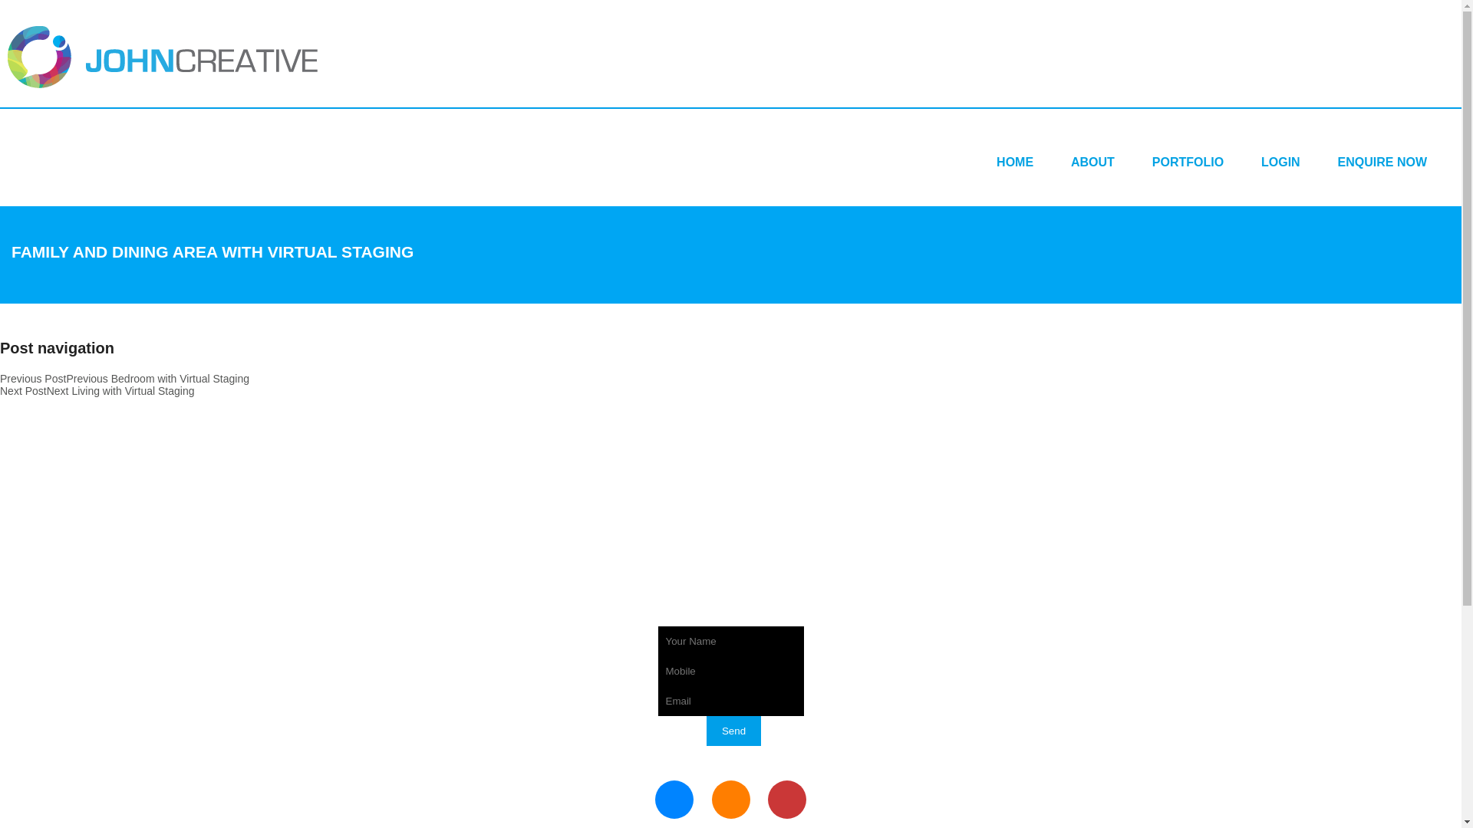 This screenshot has width=1473, height=828. Describe the element at coordinates (733, 730) in the screenshot. I see `'Send'` at that location.